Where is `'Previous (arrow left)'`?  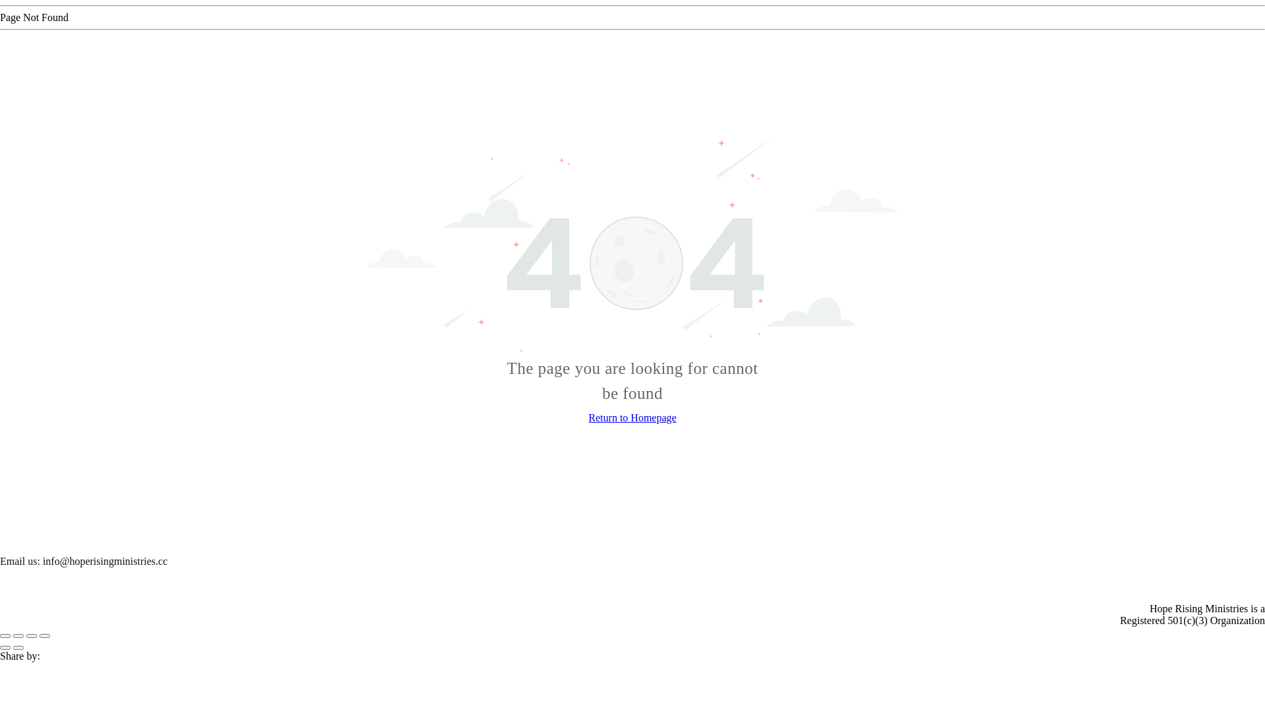
'Previous (arrow left)' is located at coordinates (5, 646).